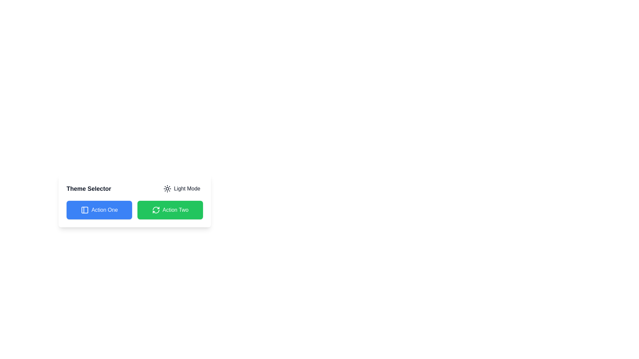  What do you see at coordinates (182, 188) in the screenshot?
I see `the 'Light Mode' button, which is a rectangular button with a sun icon, positioned to the right of the 'Theme Selector' text` at bounding box center [182, 188].